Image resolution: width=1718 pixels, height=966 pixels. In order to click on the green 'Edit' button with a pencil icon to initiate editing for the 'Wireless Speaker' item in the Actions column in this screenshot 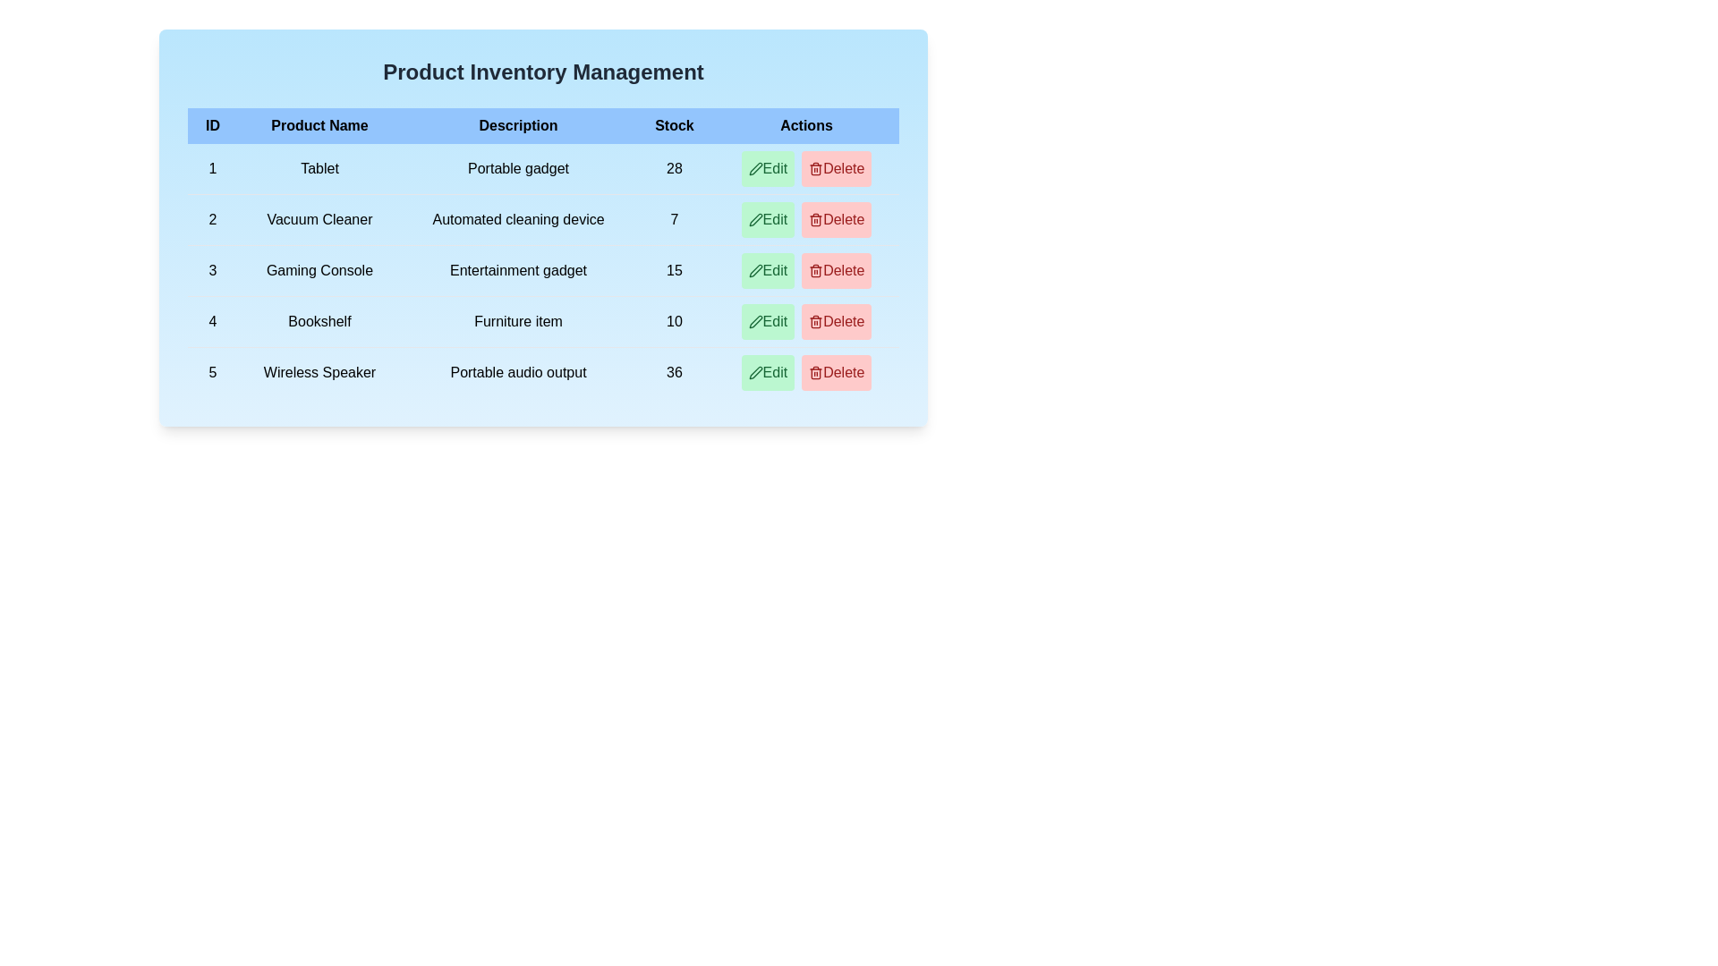, I will do `click(768, 371)`.